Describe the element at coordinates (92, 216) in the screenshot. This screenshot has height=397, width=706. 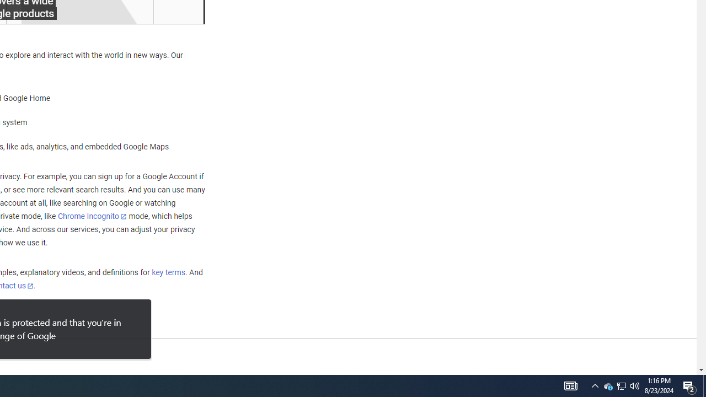
I see `'Chrome Incognito'` at that location.